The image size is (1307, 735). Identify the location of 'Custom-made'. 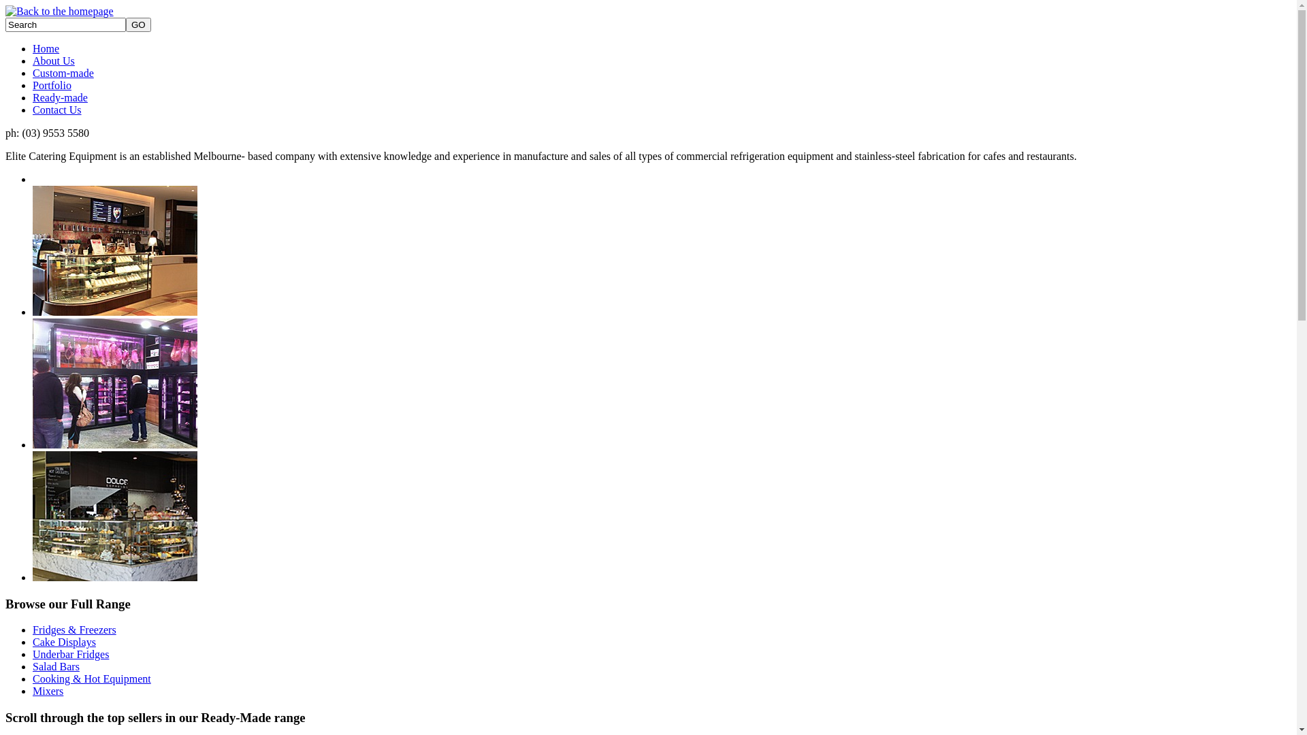
(62, 73).